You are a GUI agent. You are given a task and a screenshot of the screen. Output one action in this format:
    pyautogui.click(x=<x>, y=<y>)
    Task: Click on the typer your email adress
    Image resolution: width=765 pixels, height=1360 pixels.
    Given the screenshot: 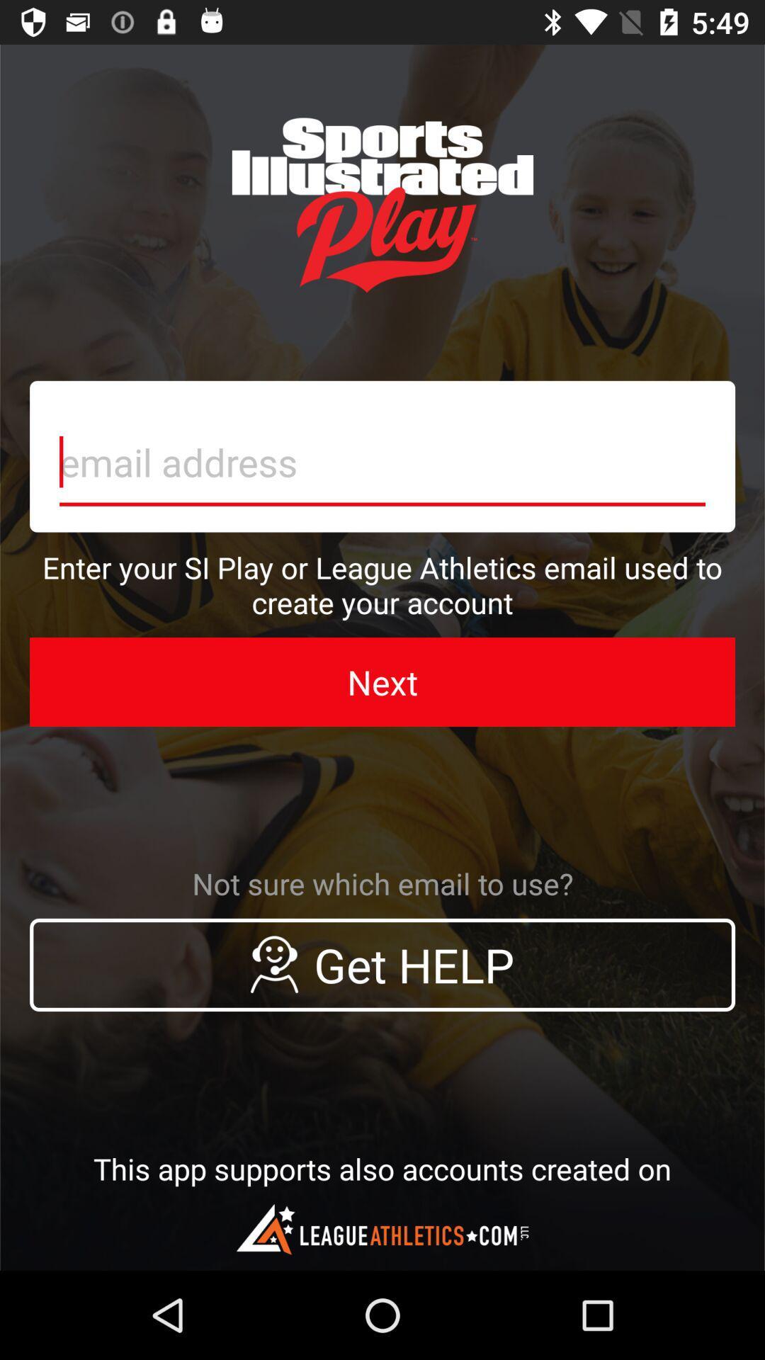 What is the action you would take?
    pyautogui.click(x=382, y=456)
    